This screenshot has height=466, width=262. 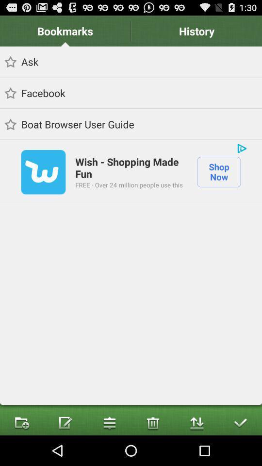 What do you see at coordinates (219, 172) in the screenshot?
I see `the shop now app` at bounding box center [219, 172].